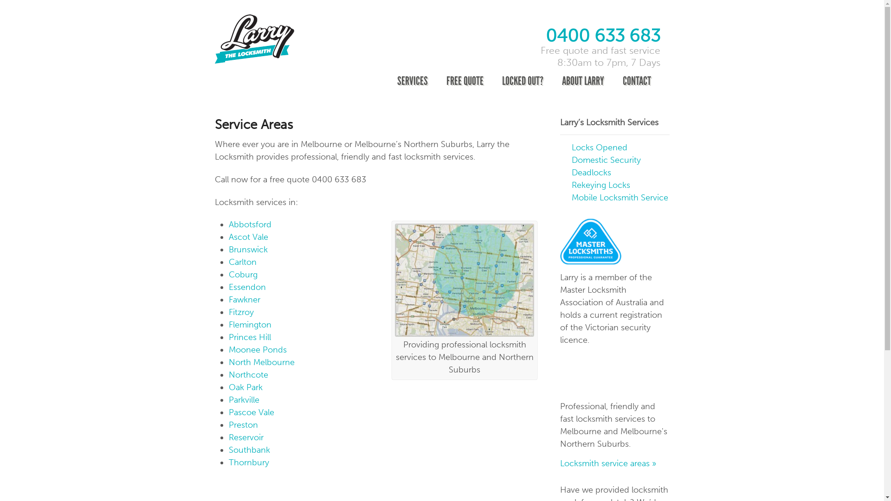 This screenshot has width=891, height=501. What do you see at coordinates (248, 236) in the screenshot?
I see `'Ascot Vale'` at bounding box center [248, 236].